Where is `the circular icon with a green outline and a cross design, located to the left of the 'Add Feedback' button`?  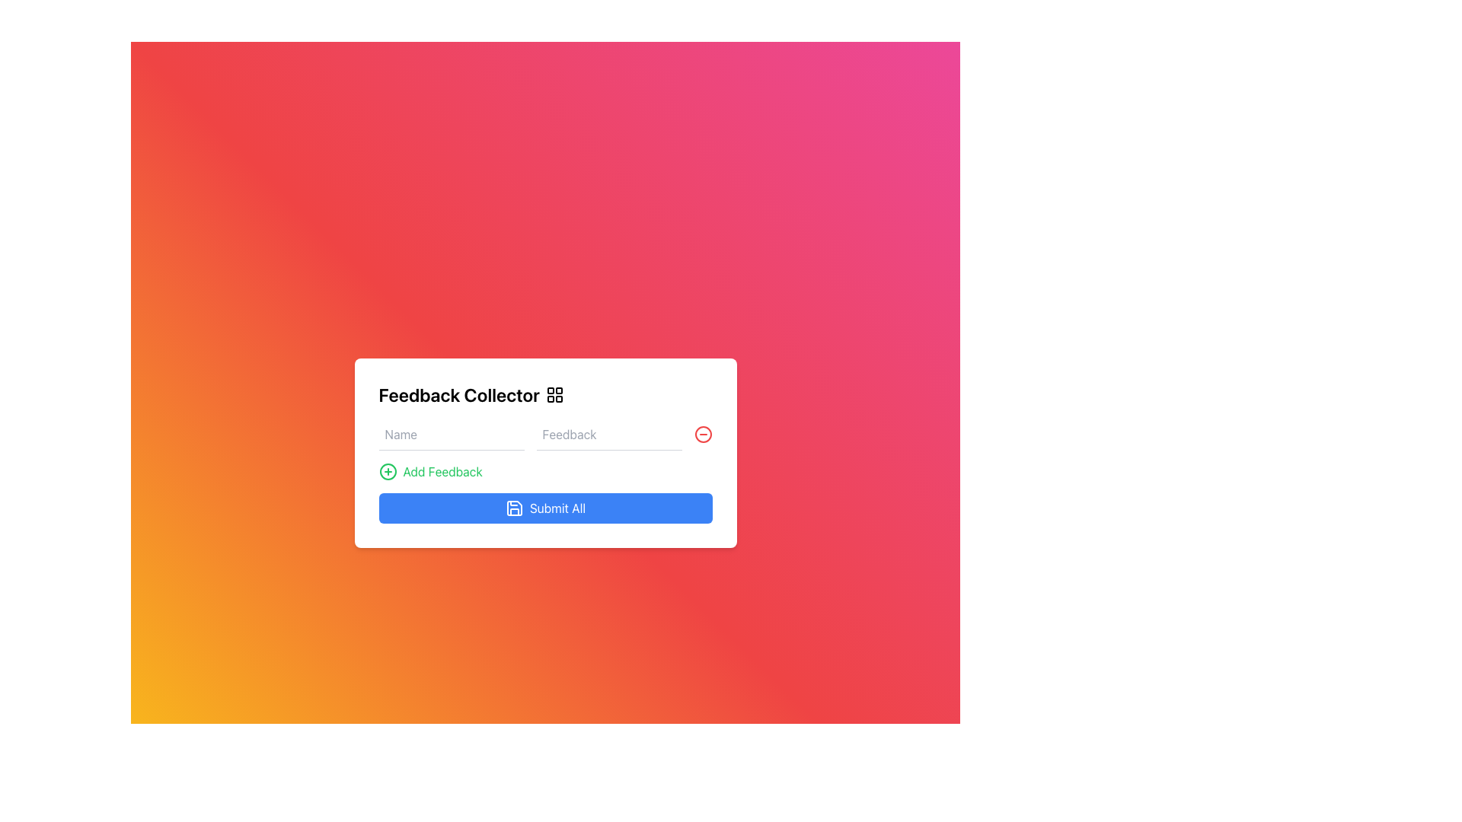 the circular icon with a green outline and a cross design, located to the left of the 'Add Feedback' button is located at coordinates (388, 470).